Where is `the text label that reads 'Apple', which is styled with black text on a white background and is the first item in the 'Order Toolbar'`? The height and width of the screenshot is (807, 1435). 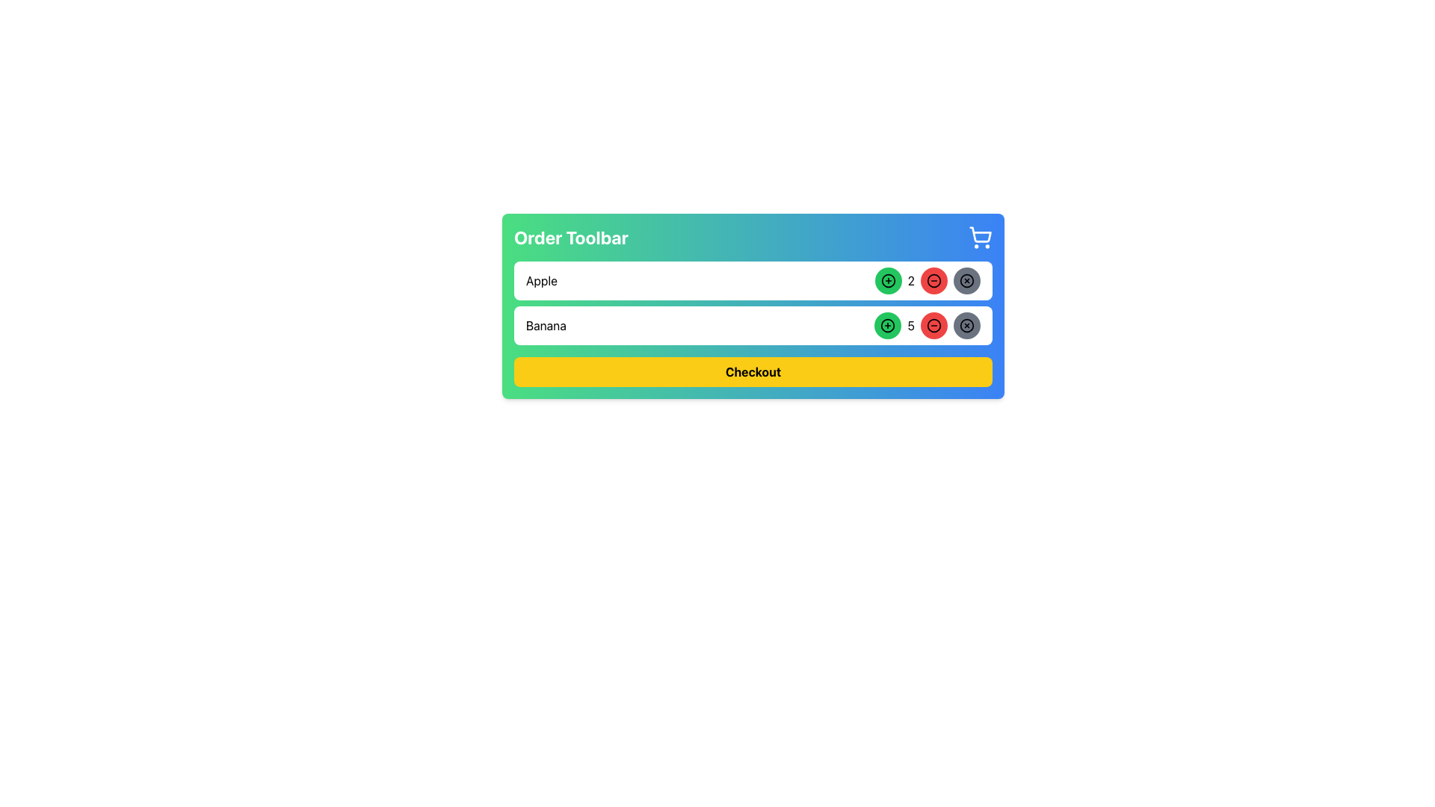
the text label that reads 'Apple', which is styled with black text on a white background and is the first item in the 'Order Toolbar' is located at coordinates (540, 280).